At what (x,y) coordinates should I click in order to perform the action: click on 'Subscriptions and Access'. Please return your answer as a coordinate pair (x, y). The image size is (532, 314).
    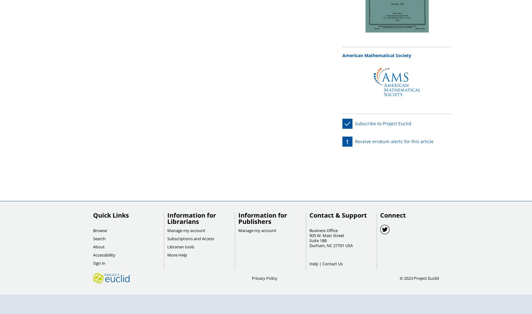
    Looking at the image, I should click on (167, 239).